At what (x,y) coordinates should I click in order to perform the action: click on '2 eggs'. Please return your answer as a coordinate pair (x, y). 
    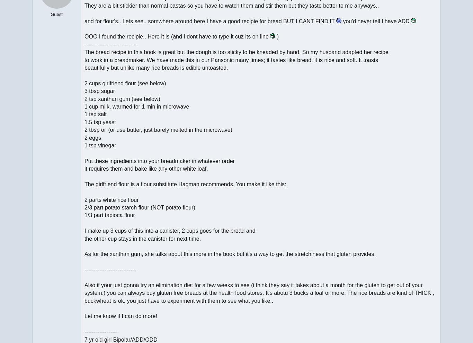
    Looking at the image, I should click on (84, 137).